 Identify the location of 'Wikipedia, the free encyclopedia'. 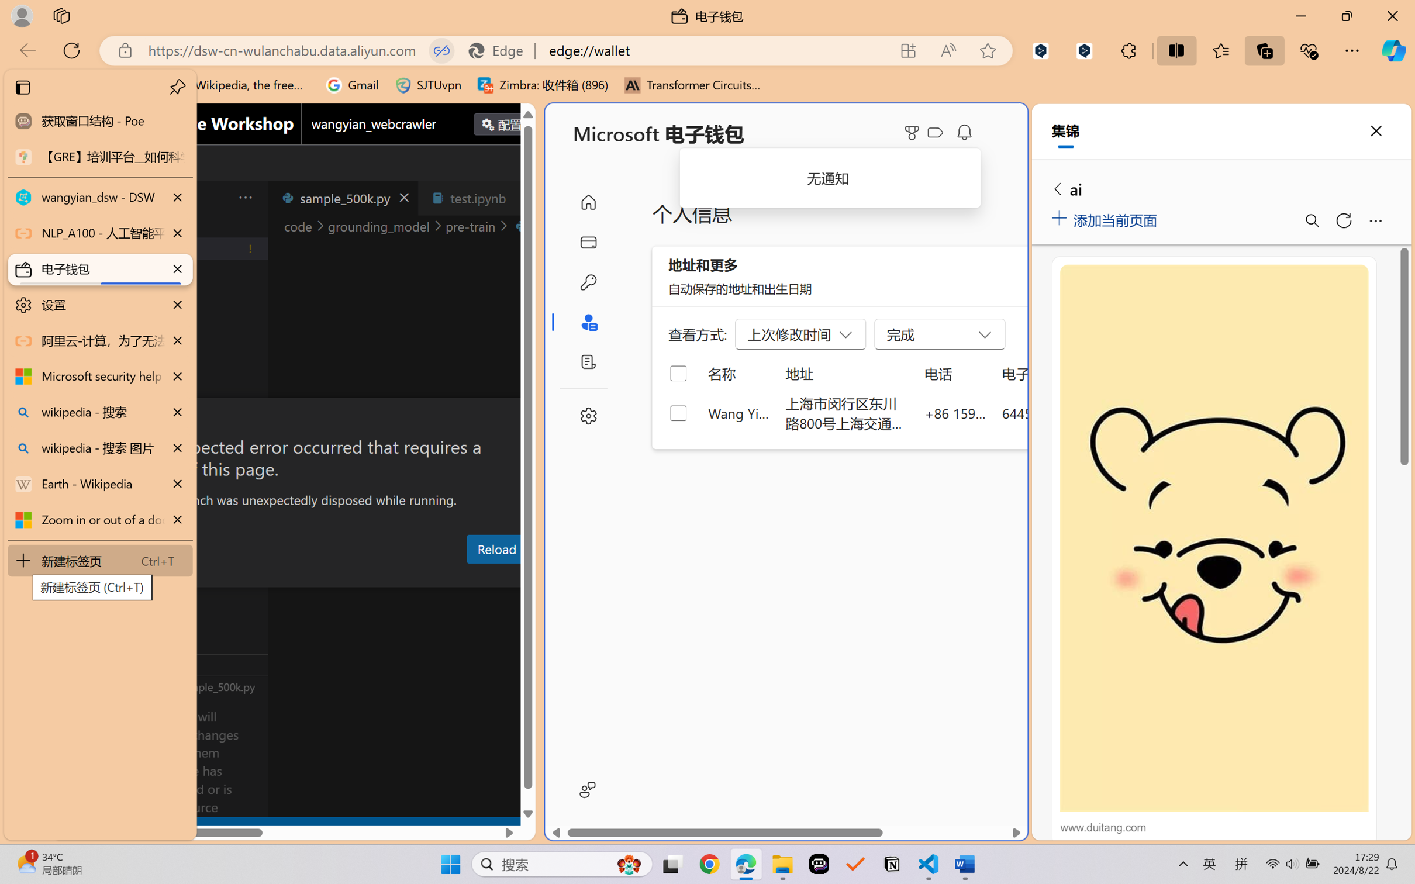
(240, 85).